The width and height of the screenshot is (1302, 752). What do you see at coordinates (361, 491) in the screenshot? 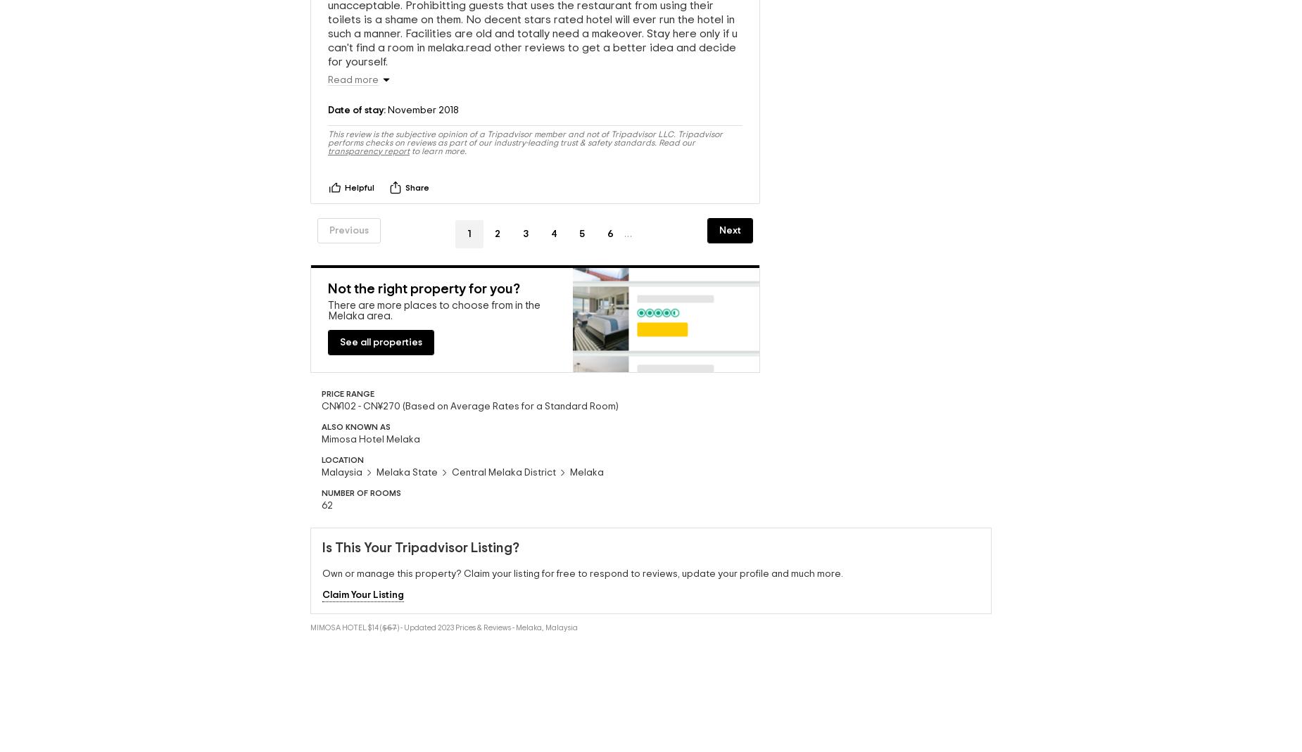
I see `'NUMBER OF ROOMS'` at bounding box center [361, 491].